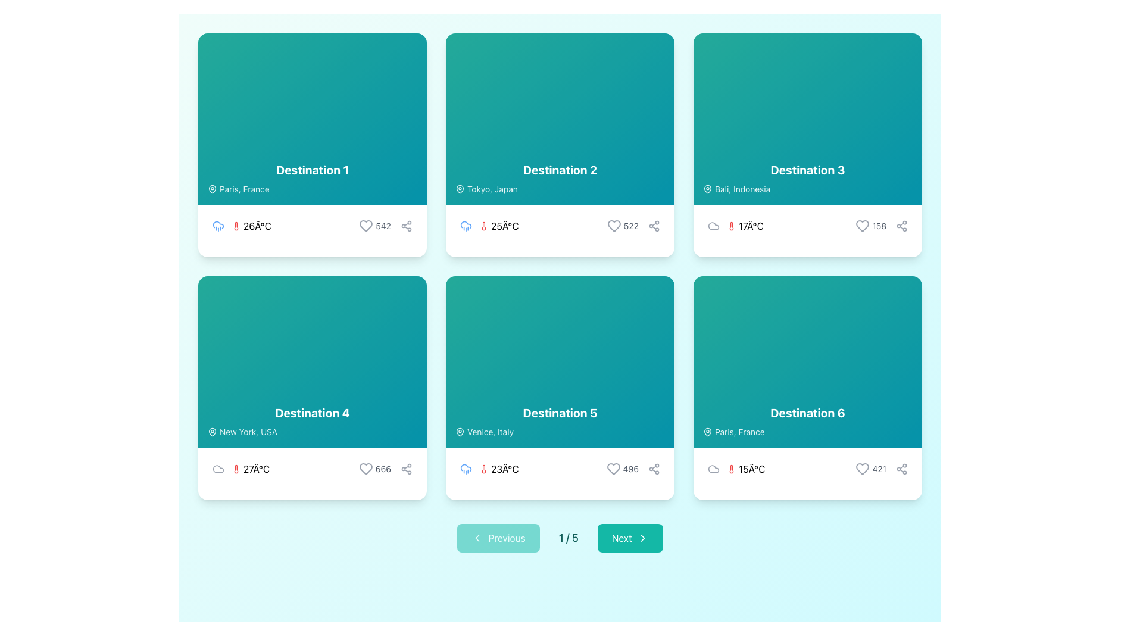  Describe the element at coordinates (385, 468) in the screenshot. I see `the text element displaying the number of likes for 'Destination 4', located in the bottom row of the fourth card between the heart and share icons` at that location.